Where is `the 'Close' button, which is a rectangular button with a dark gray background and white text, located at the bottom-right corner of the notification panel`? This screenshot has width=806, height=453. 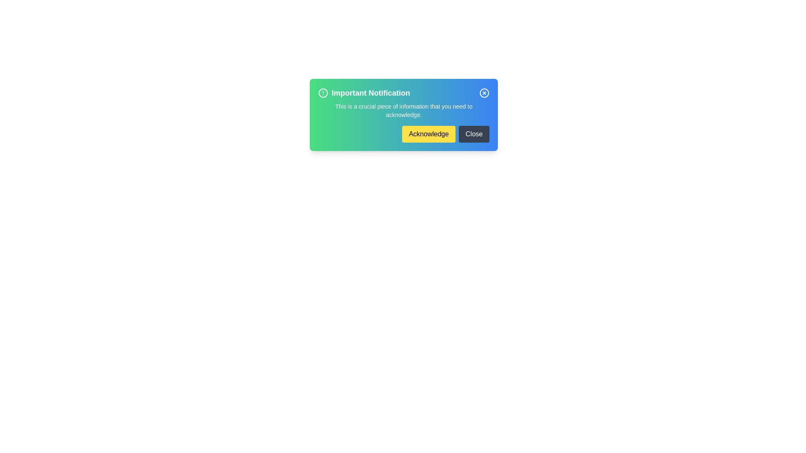 the 'Close' button, which is a rectangular button with a dark gray background and white text, located at the bottom-right corner of the notification panel is located at coordinates (474, 134).